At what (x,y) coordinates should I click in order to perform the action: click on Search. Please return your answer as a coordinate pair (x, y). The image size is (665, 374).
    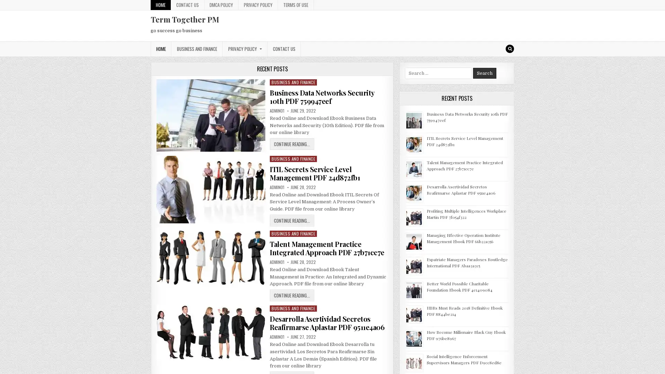
    Looking at the image, I should click on (484, 73).